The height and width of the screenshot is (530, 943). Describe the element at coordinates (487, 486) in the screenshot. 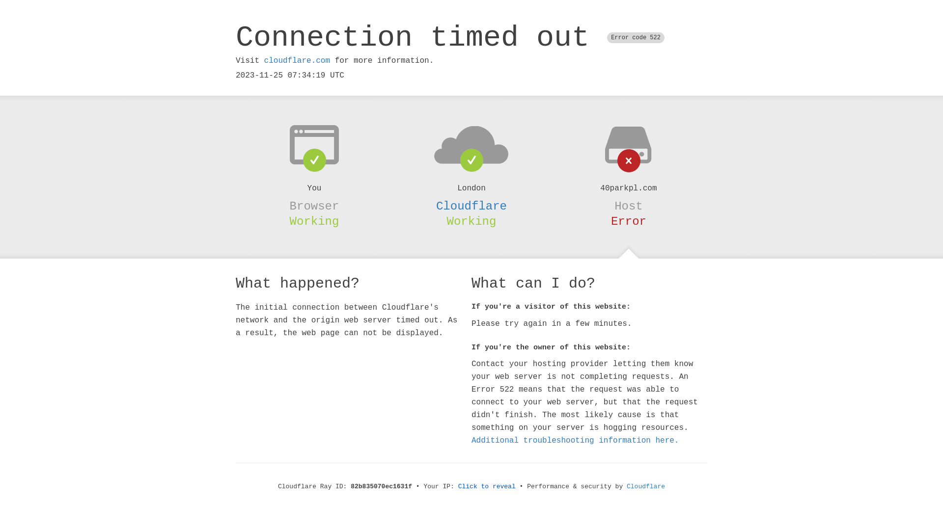

I see `'Click to reveal'` at that location.